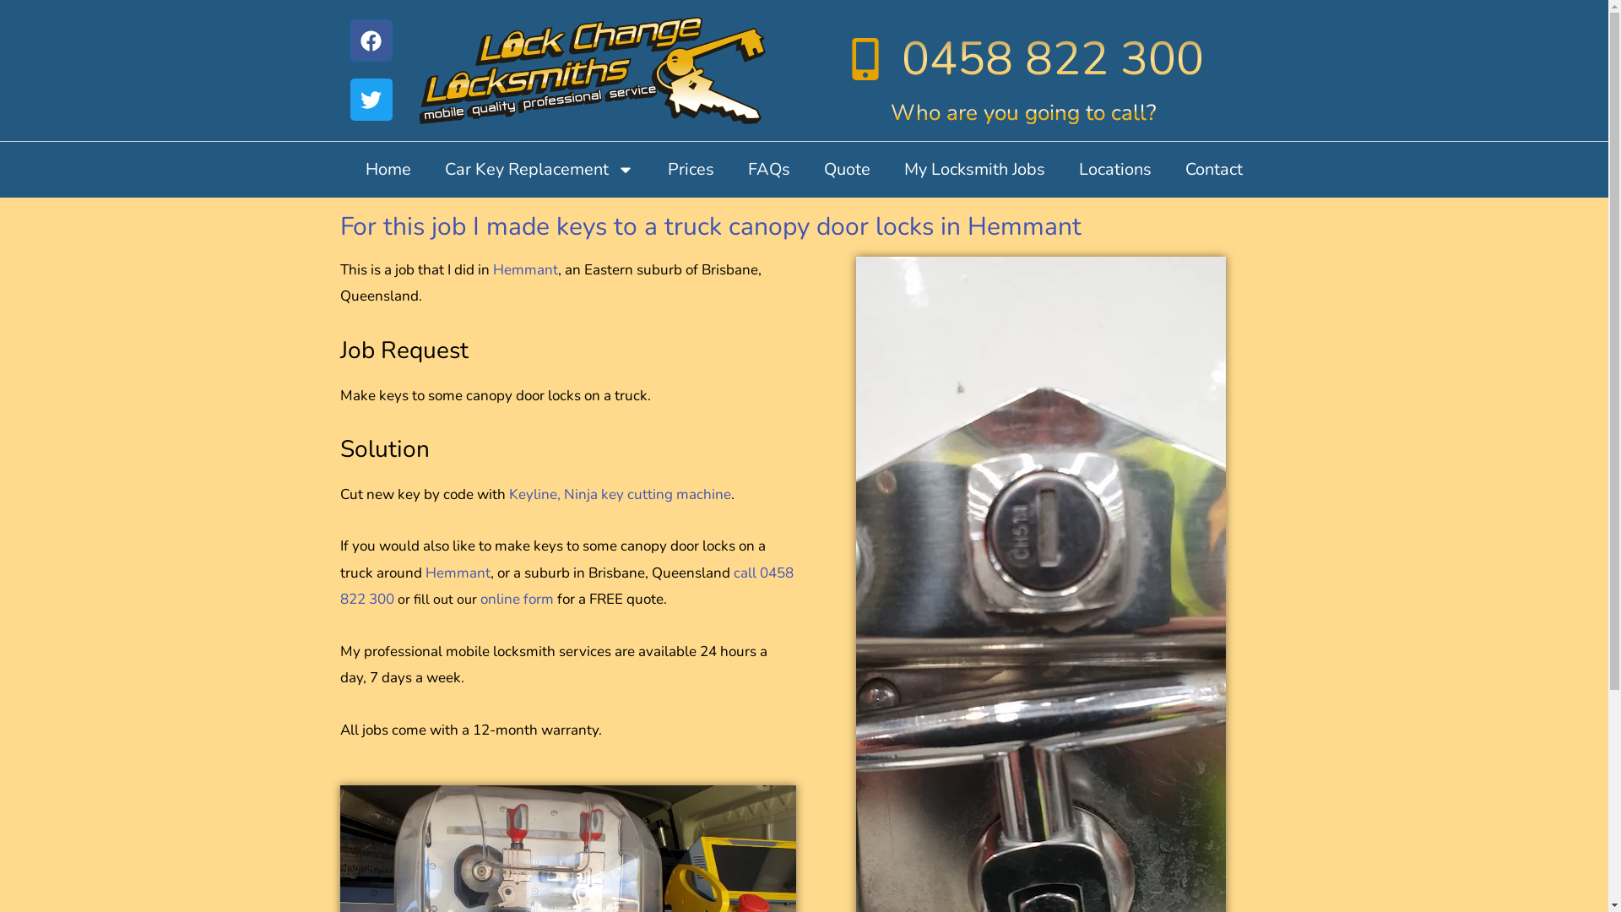  I want to click on 'Twitter', so click(369, 100).